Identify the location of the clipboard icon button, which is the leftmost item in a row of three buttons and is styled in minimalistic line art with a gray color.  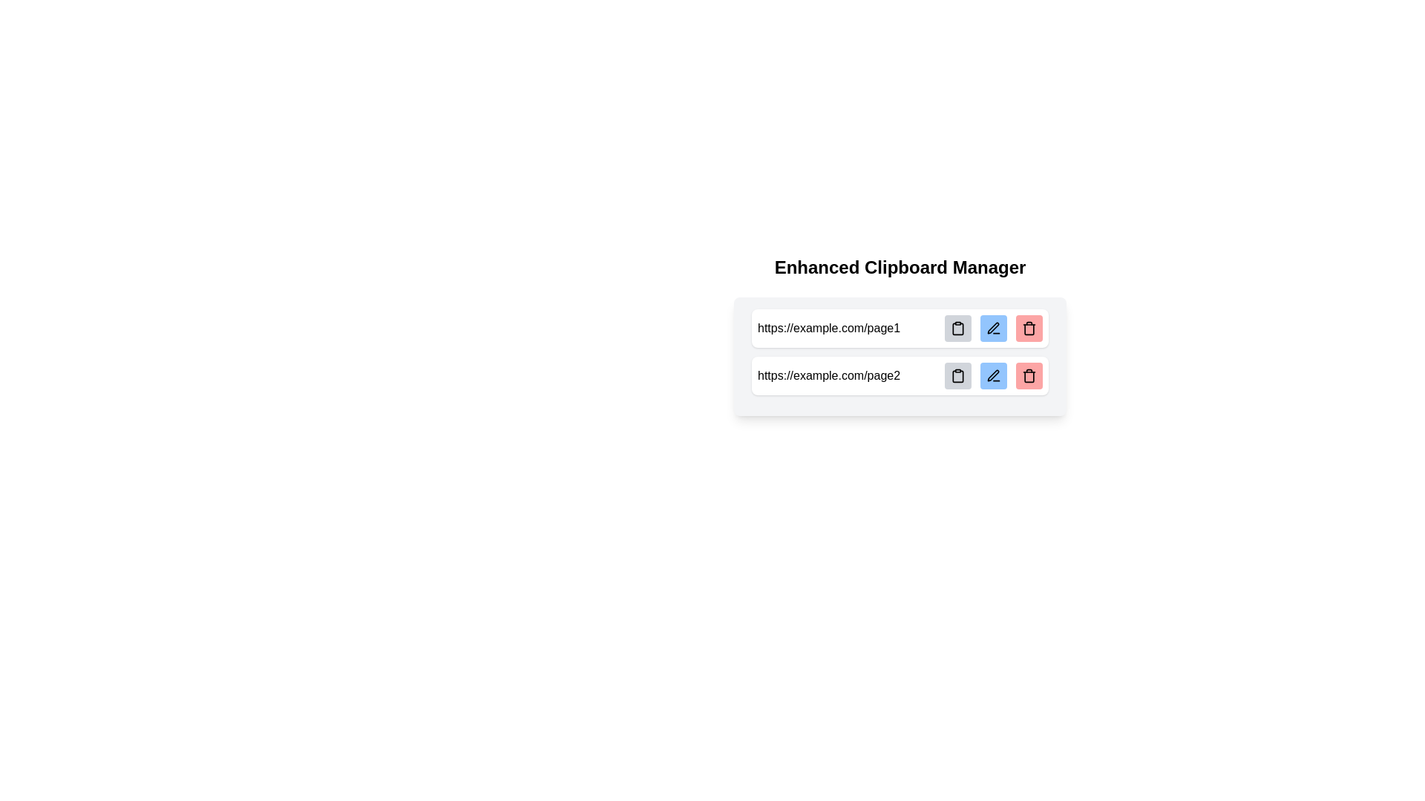
(958, 375).